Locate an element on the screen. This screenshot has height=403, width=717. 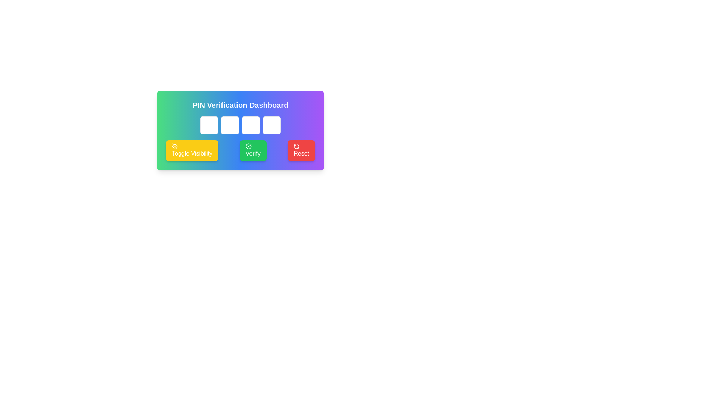
the 'Reset' button, which contains the icon for resetting input fields, located in the bottom-right region of the interface is located at coordinates (296, 146).